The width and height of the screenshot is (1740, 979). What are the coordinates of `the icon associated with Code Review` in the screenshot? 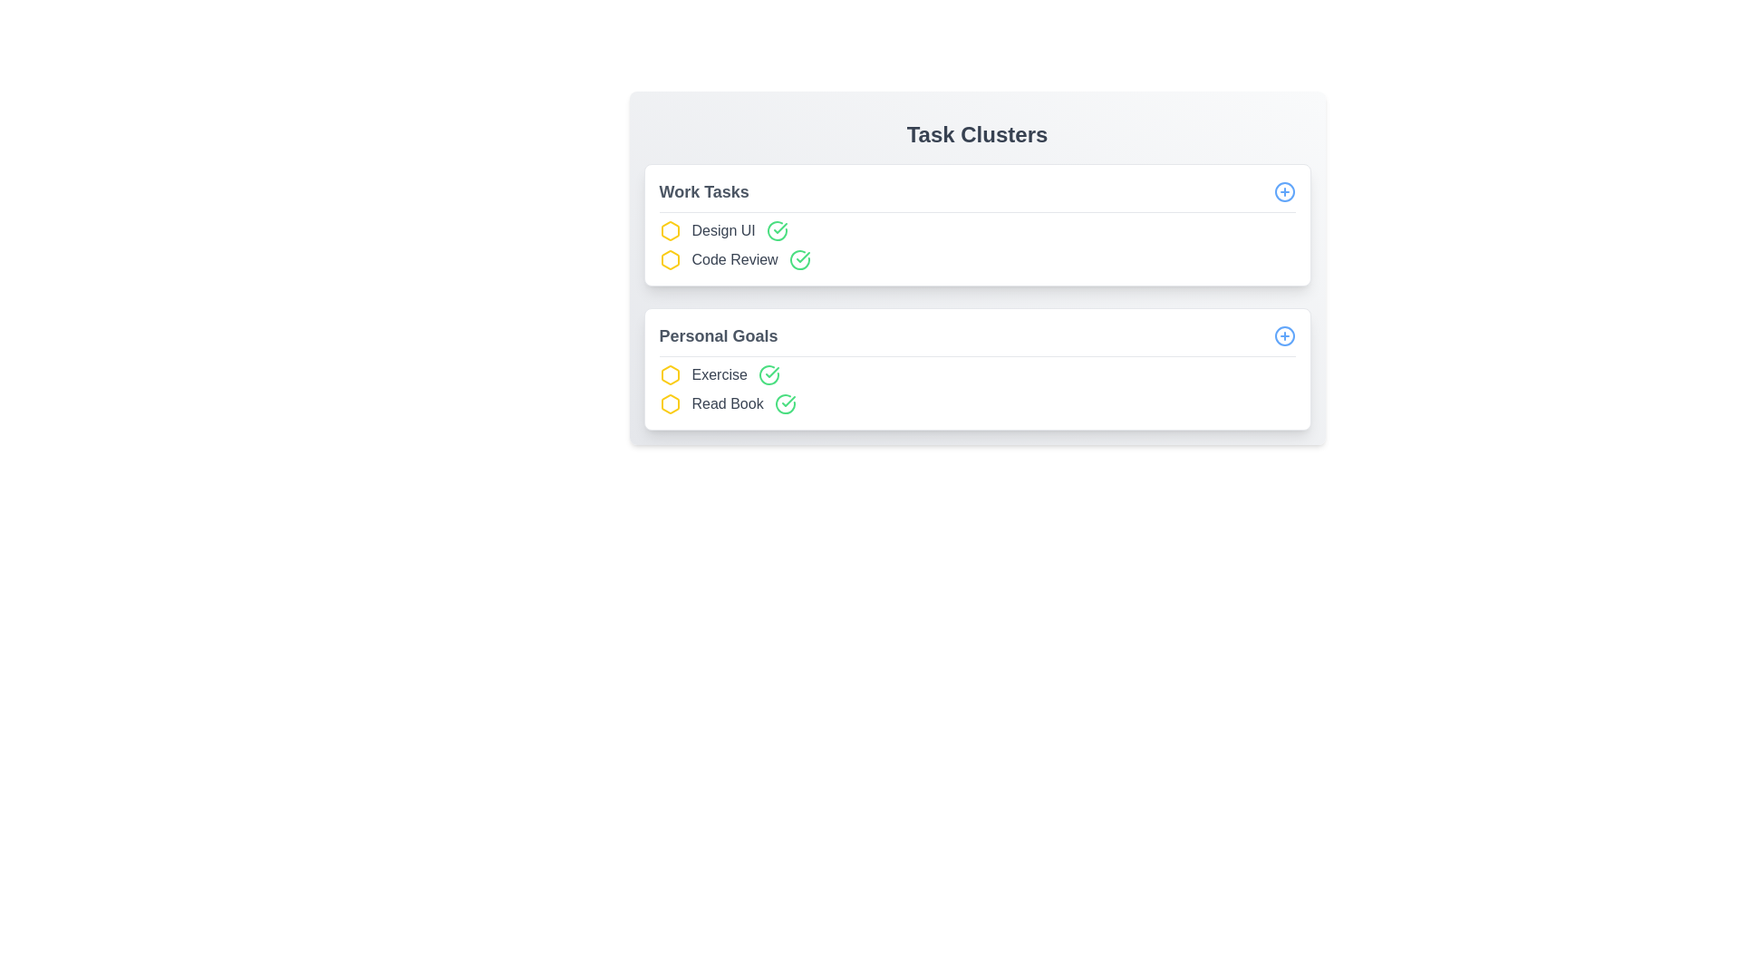 It's located at (669, 259).